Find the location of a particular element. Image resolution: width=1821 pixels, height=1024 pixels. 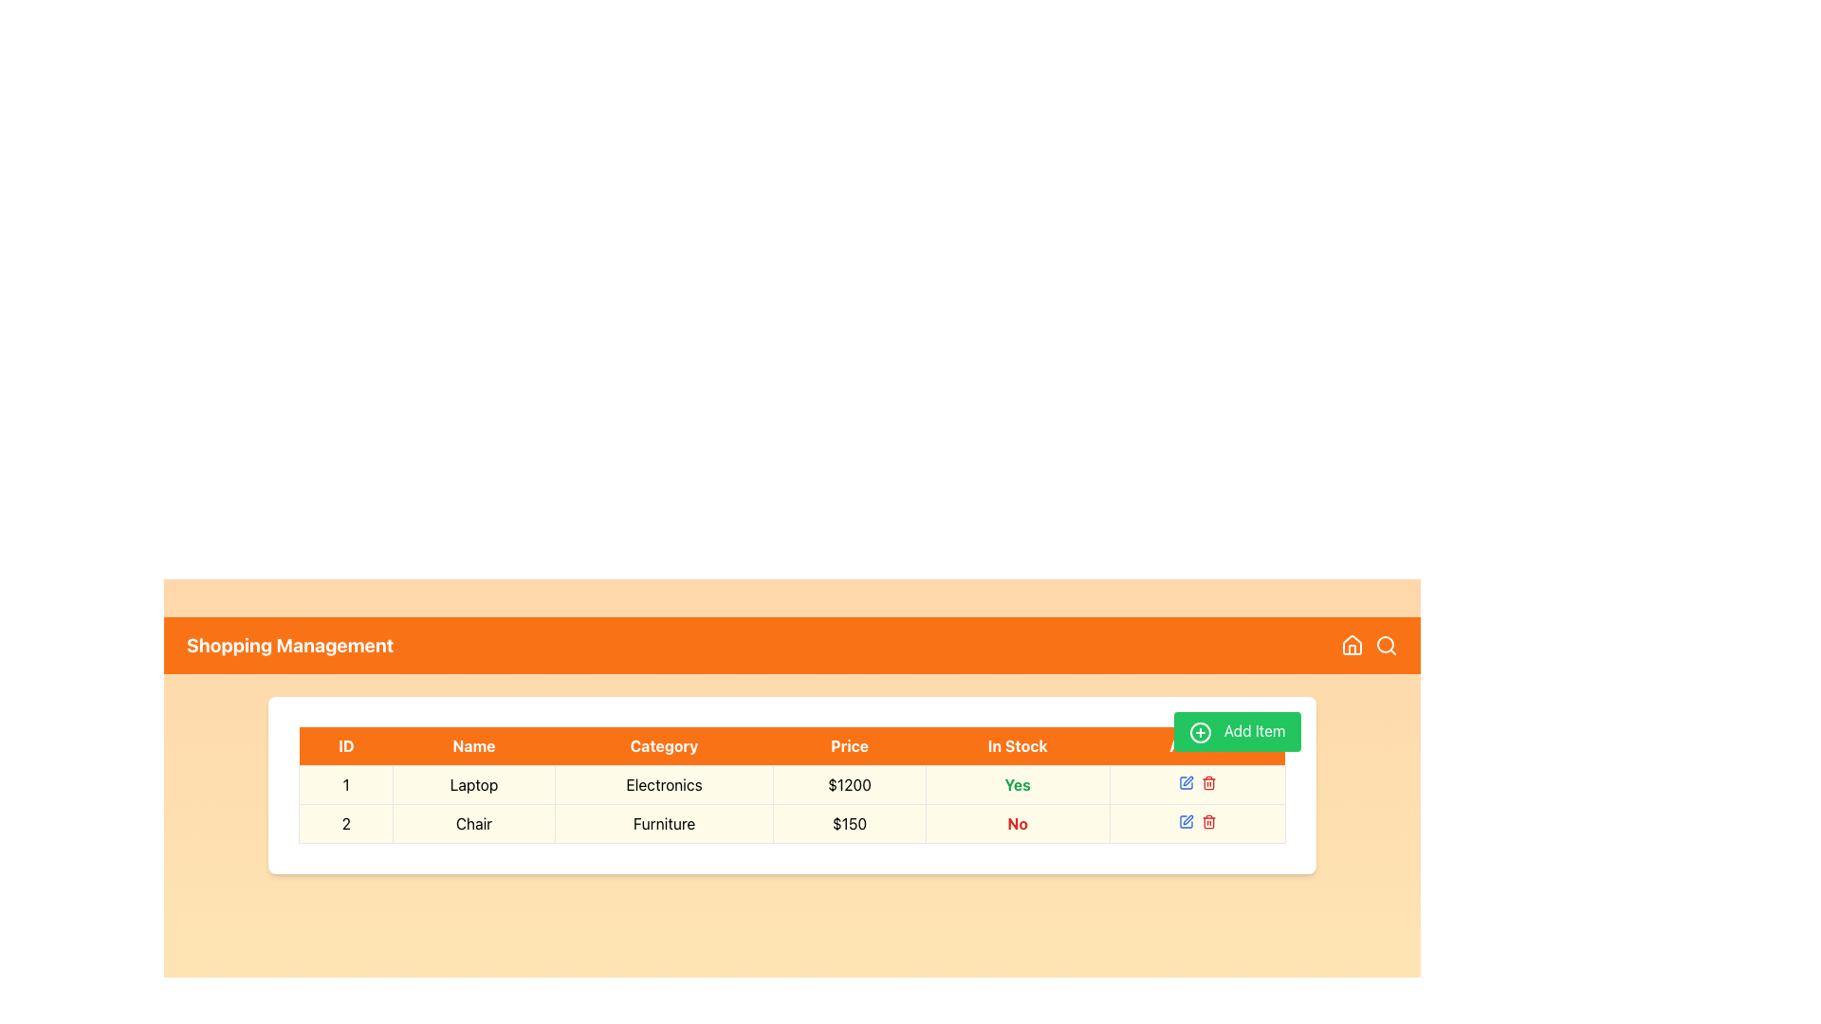

the trash bin icon component located in the center of the icon group to the right of the second row in the table is located at coordinates (1207, 784).